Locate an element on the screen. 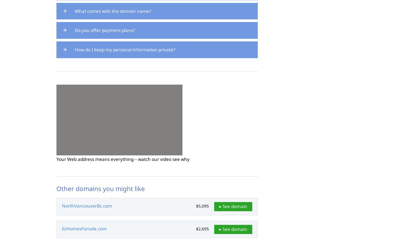 The height and width of the screenshot is (239, 420). 'How do I keep my personal information private?' is located at coordinates (125, 50).